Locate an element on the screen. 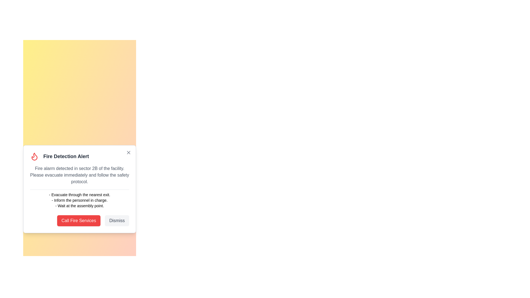  the 'Call Fire Services' button to trigger the action is located at coordinates (78, 220).